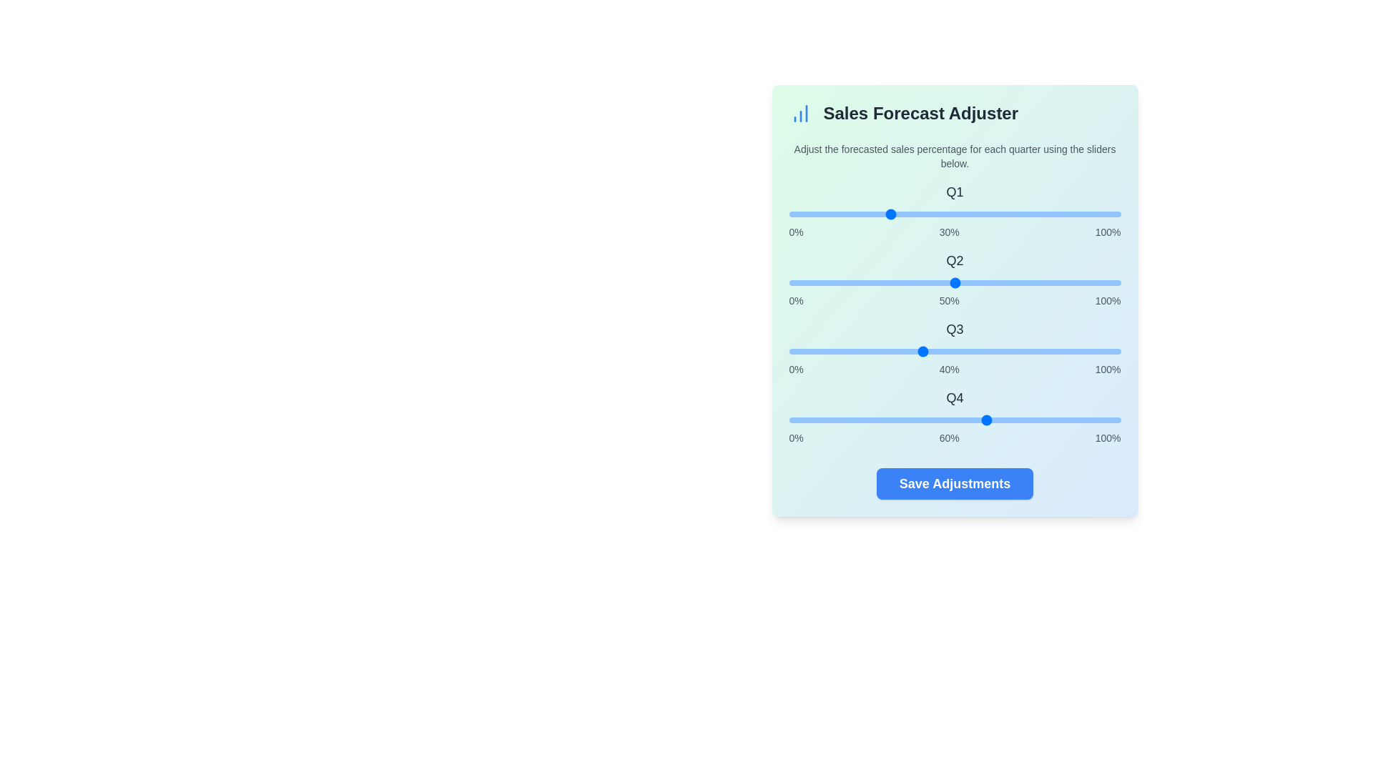 The height and width of the screenshot is (772, 1373). Describe the element at coordinates (1116, 283) in the screenshot. I see `the slider for Q2 to 99%` at that location.